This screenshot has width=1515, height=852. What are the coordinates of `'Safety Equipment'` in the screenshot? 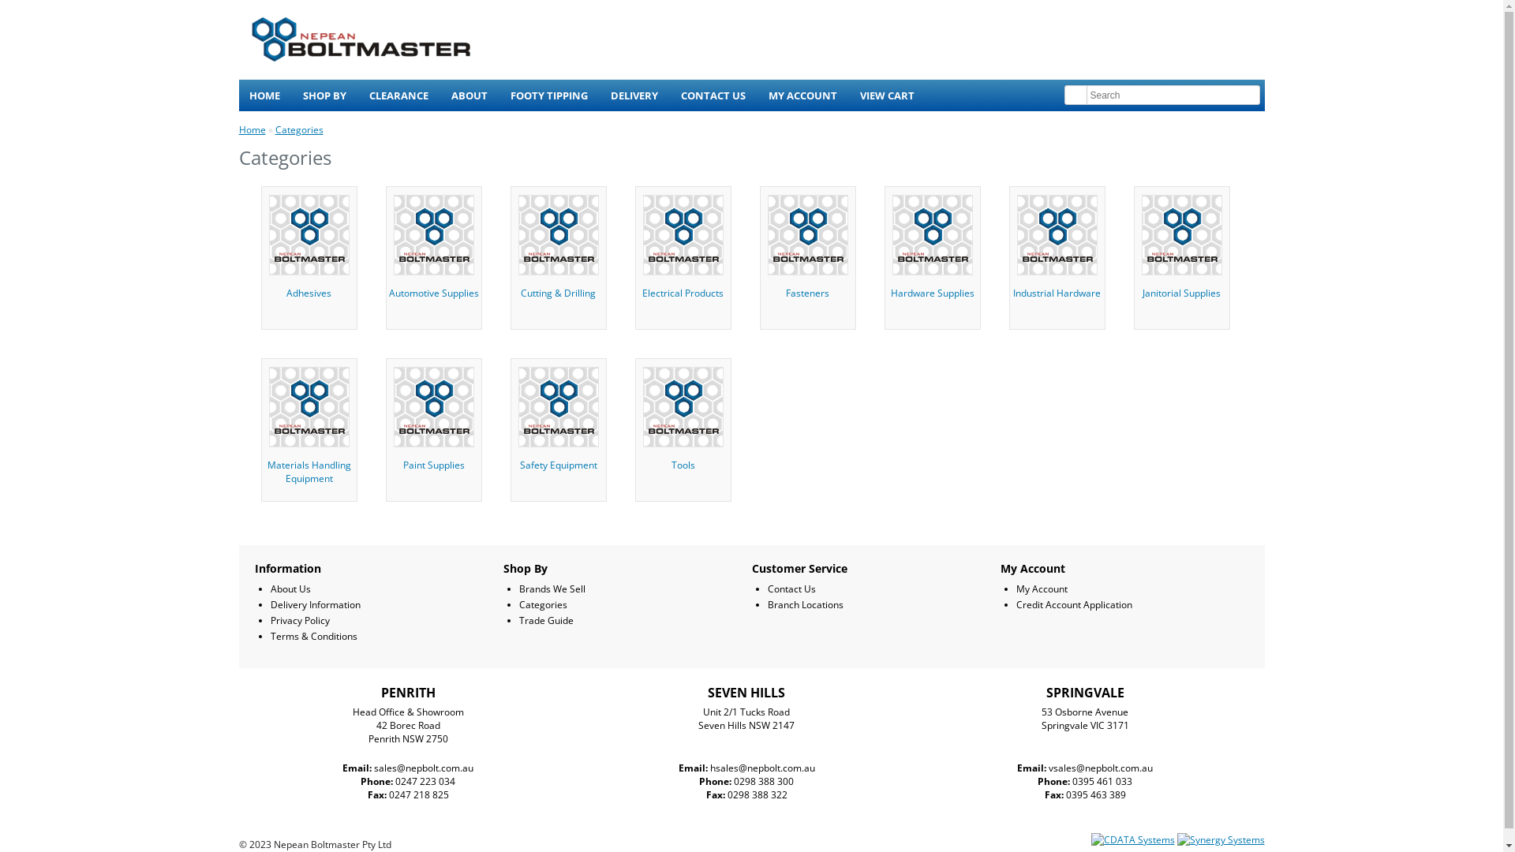 It's located at (559, 423).